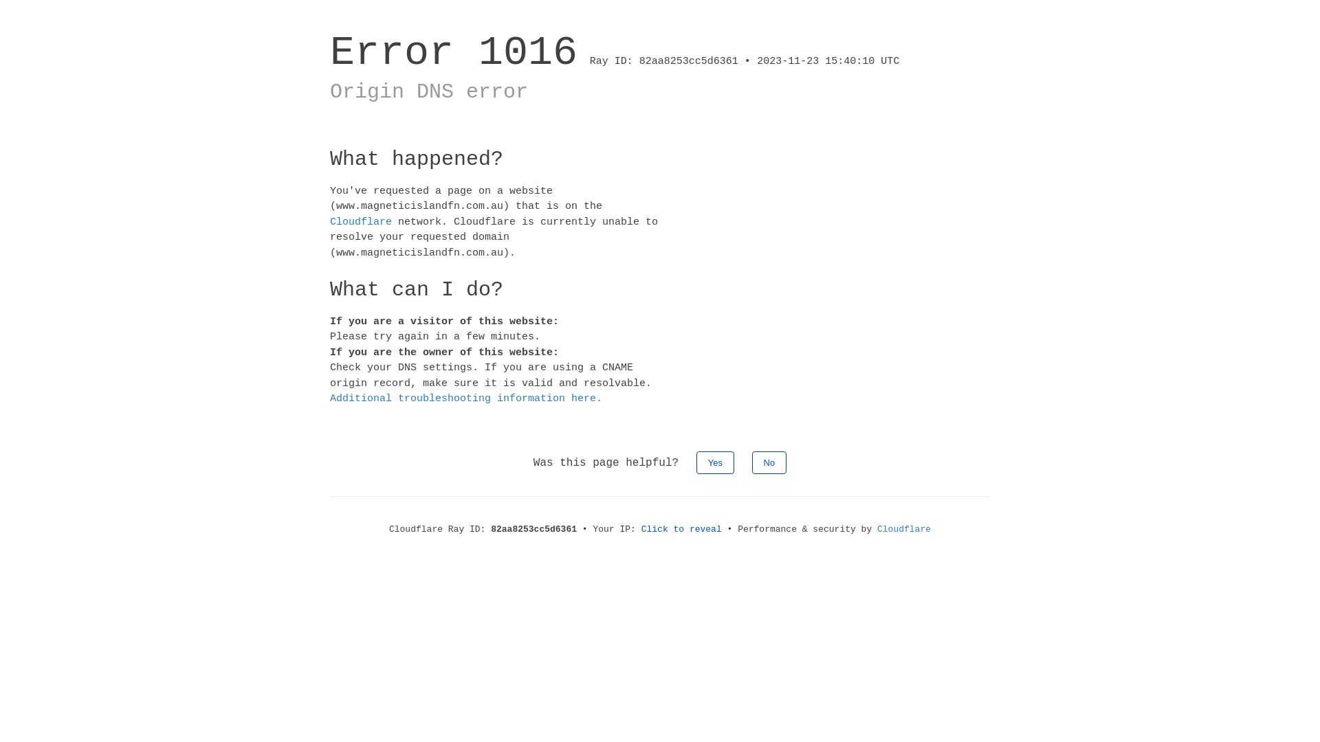 The width and height of the screenshot is (1320, 742). I want to click on 'Yes', so click(715, 462).